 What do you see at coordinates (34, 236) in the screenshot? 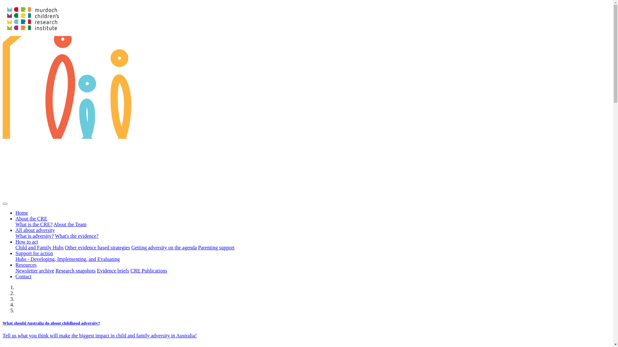
I see `'What is adversity?'` at bounding box center [34, 236].